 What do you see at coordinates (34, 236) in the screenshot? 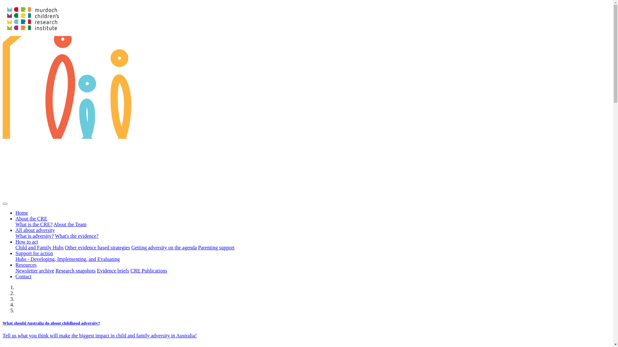
I see `'What is adversity?'` at bounding box center [34, 236].